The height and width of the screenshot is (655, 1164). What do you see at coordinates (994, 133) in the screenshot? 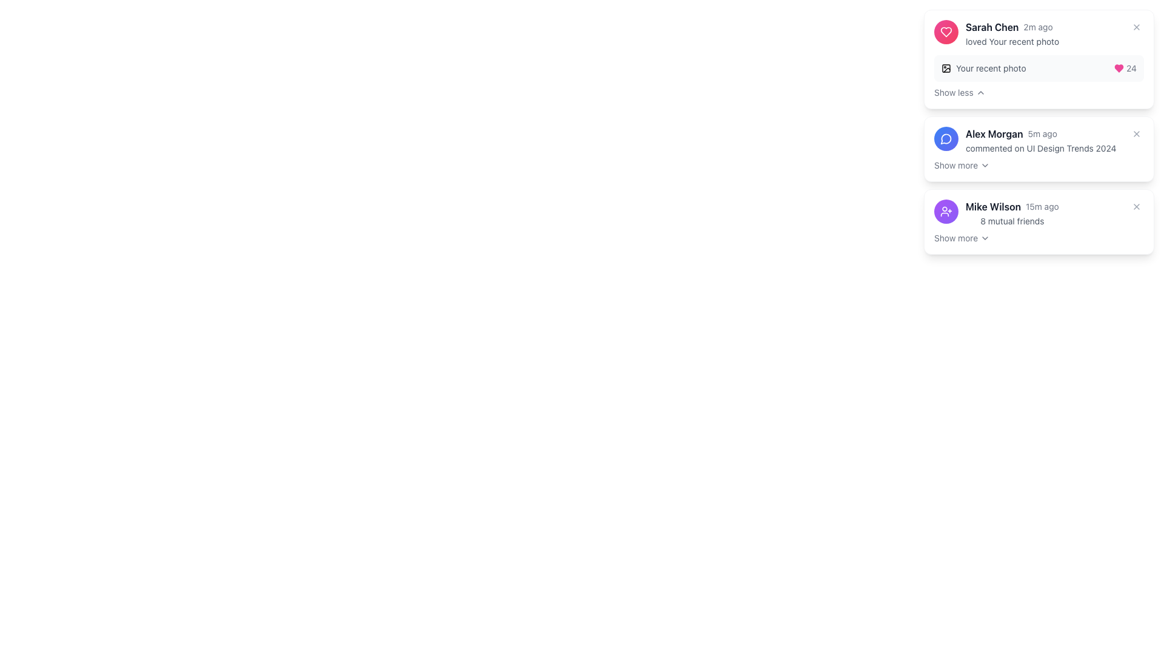
I see `the static text label displaying the user's name in the second notification card, located to the right of the user profile image and above the timestamp '5m ago'` at bounding box center [994, 133].